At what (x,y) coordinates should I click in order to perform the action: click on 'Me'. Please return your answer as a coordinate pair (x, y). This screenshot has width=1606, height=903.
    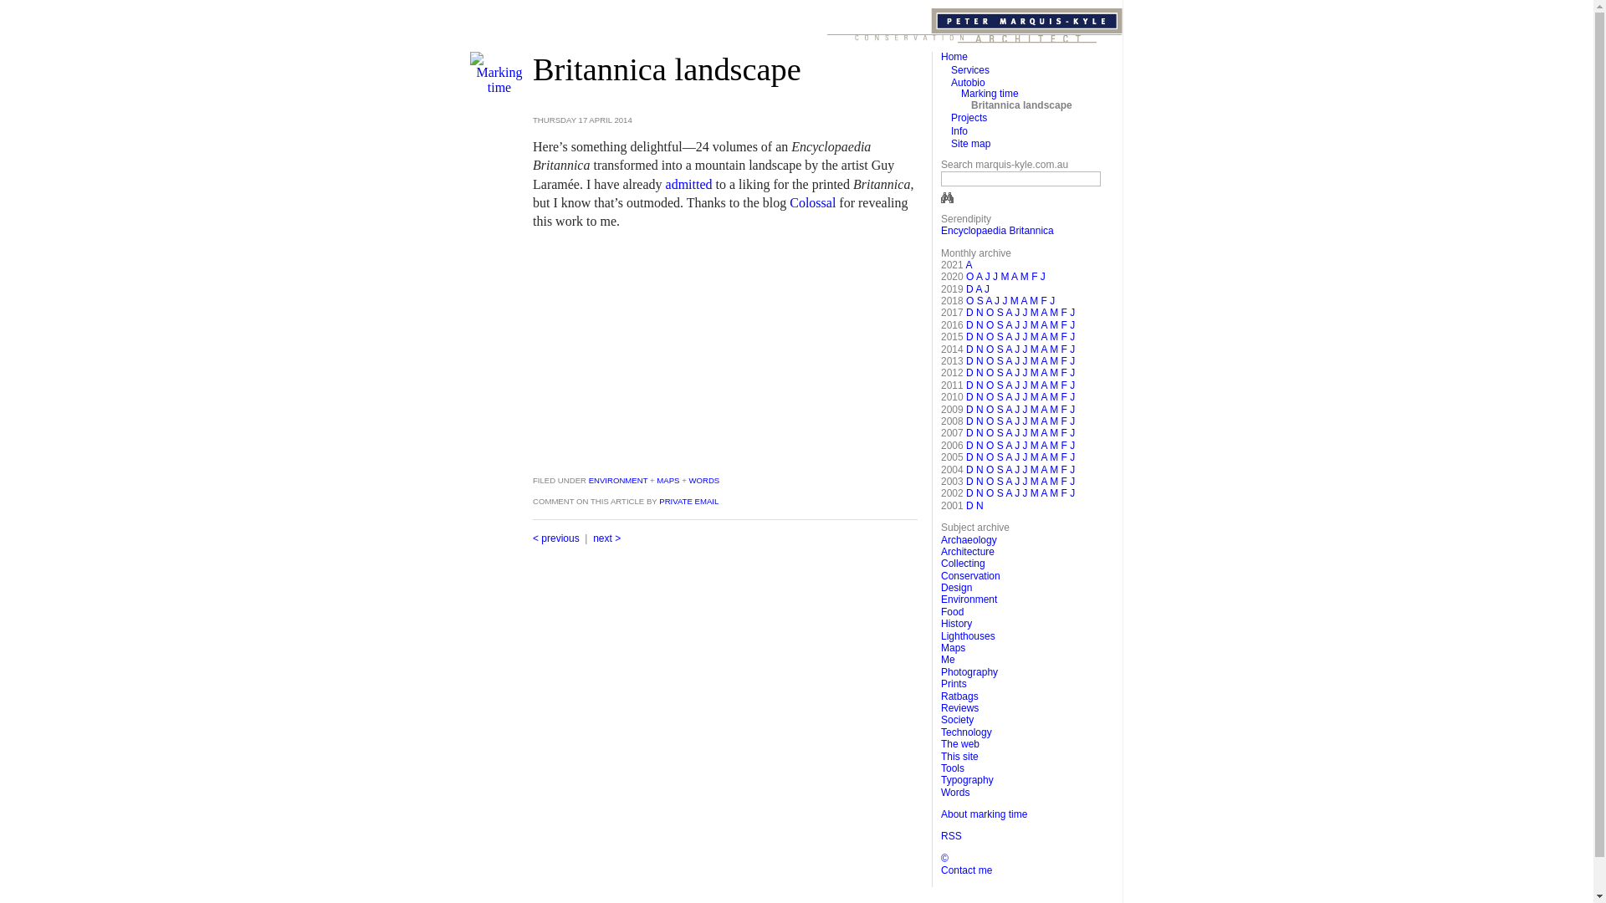
    Looking at the image, I should click on (948, 659).